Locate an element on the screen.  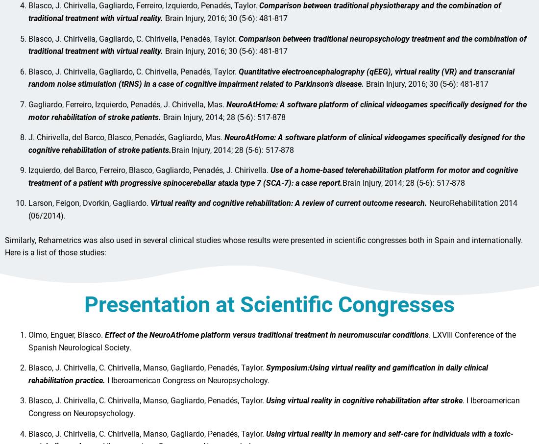
'Larson, Feigon, Dvorkin, Gagliardo.' is located at coordinates (89, 207).